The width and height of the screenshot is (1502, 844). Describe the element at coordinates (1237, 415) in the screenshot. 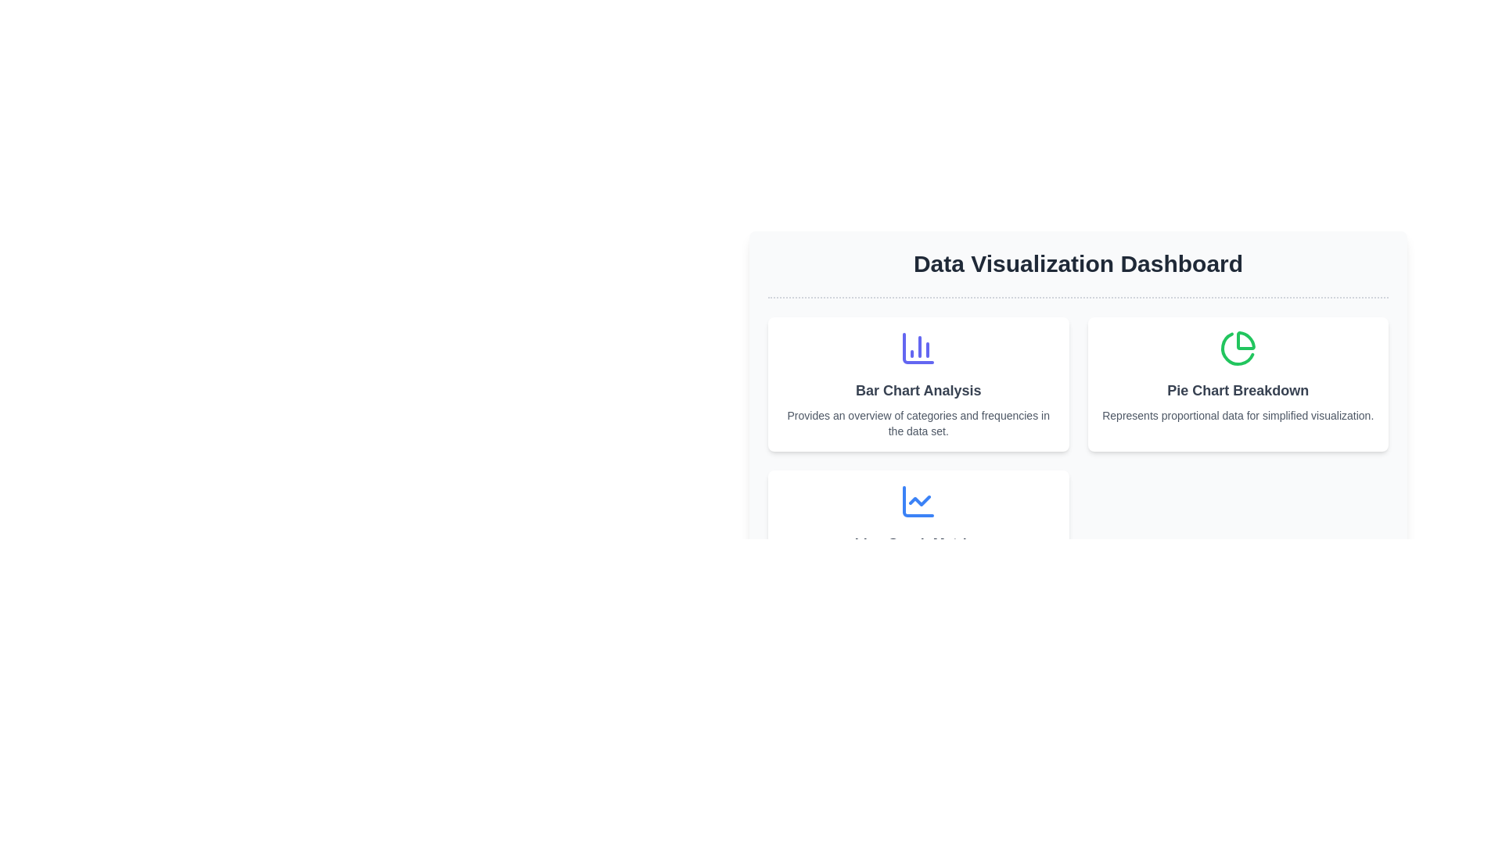

I see `the text block containing 'Represents proportional data for simplified visualization.' located below the 'Pie Chart Breakdown' heading` at that location.